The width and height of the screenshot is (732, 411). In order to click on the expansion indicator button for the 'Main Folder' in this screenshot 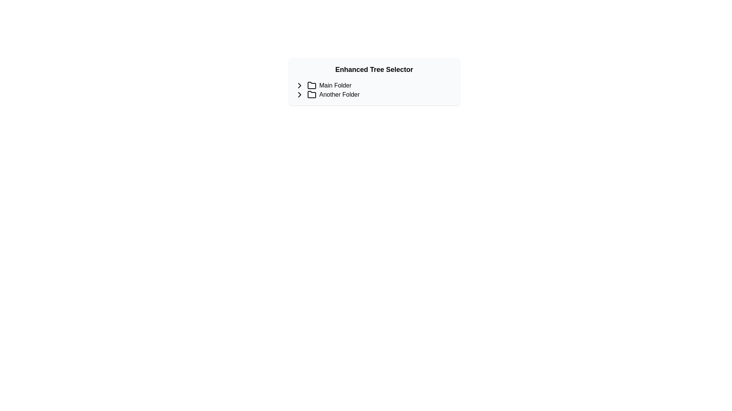, I will do `click(299, 85)`.